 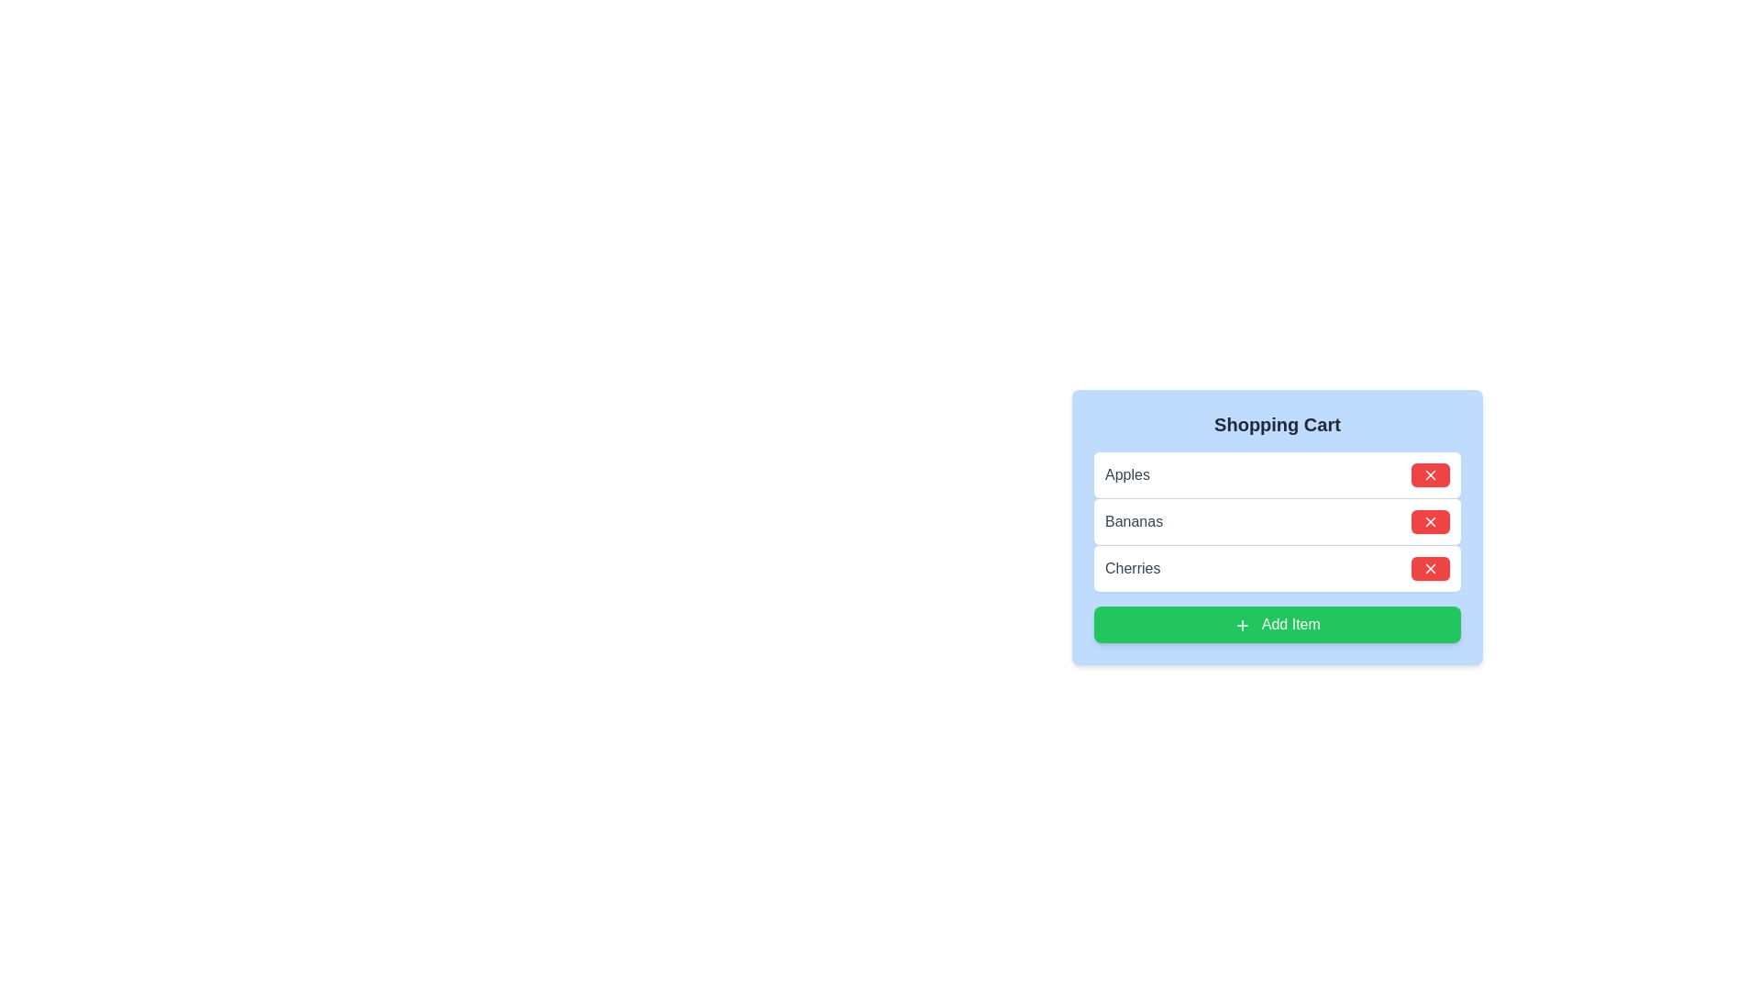 I want to click on the third item in the Shopping Cart section, which is the white row containing the text 'Cherries' and a red button with a white 'X' on the right, for interactions, so click(x=1276, y=566).